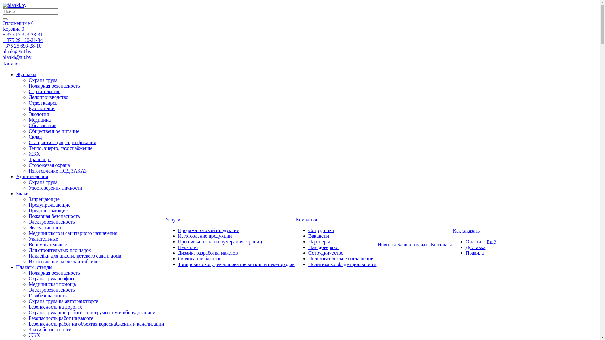  I want to click on 'blanki.by', so click(3, 5).